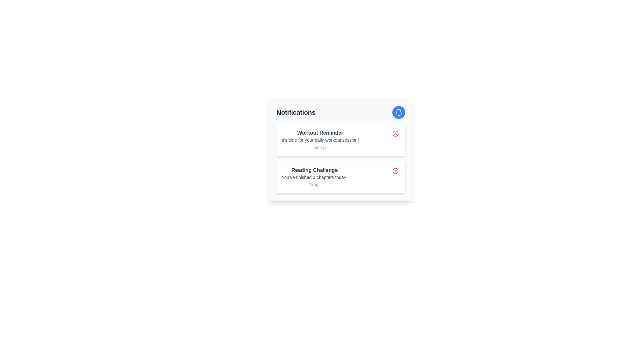 The image size is (618, 347). Describe the element at coordinates (320, 139) in the screenshot. I see `the TextLabel element that reads 'It's time for your daily workout session!' which is located below the heading 'Workout Reminder' in the notification card` at that location.